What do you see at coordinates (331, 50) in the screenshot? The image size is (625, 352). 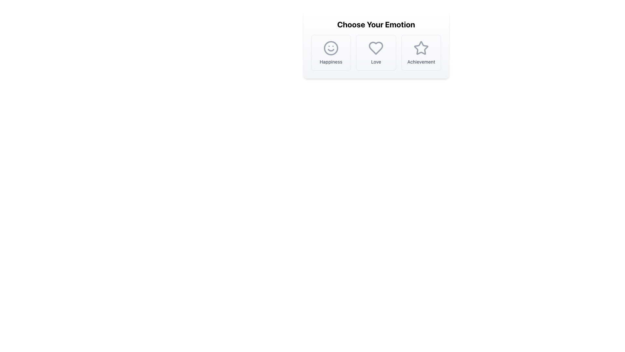 I see `the curved line representing a smile in the SVG icon associated with the 'Happiness' label, located in the lower part of the circular face icon` at bounding box center [331, 50].